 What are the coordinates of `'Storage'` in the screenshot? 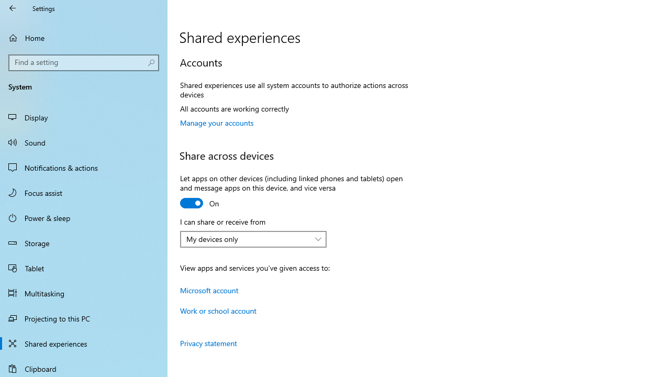 It's located at (84, 243).